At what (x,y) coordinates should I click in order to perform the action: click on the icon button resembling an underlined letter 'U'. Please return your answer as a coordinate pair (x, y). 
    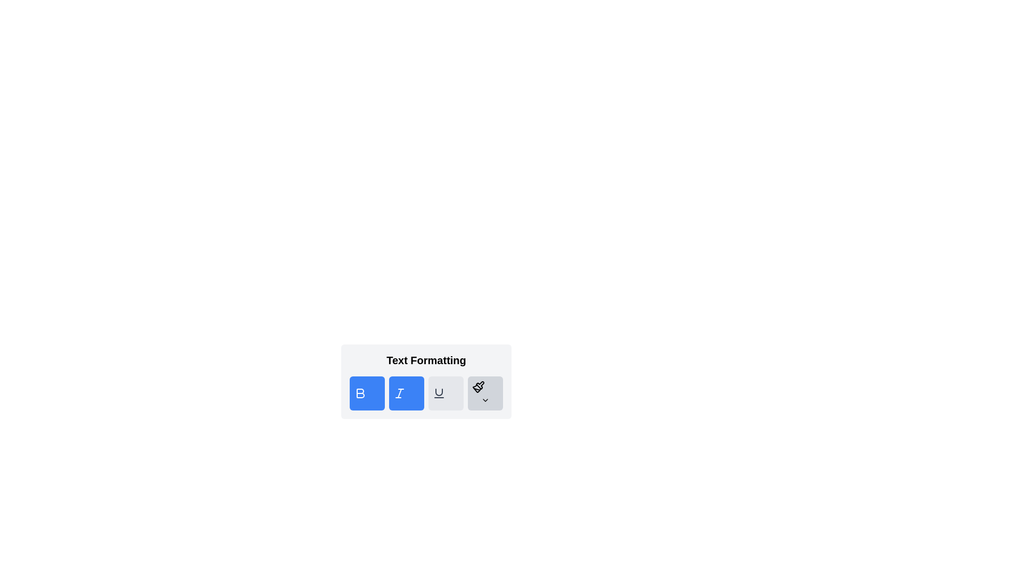
    Looking at the image, I should click on (439, 393).